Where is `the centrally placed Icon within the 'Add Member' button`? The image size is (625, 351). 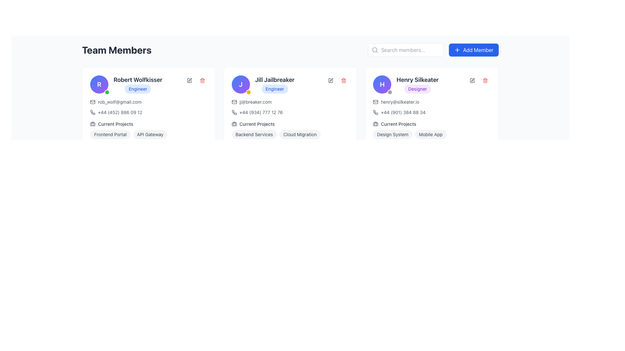 the centrally placed Icon within the 'Add Member' button is located at coordinates (457, 50).